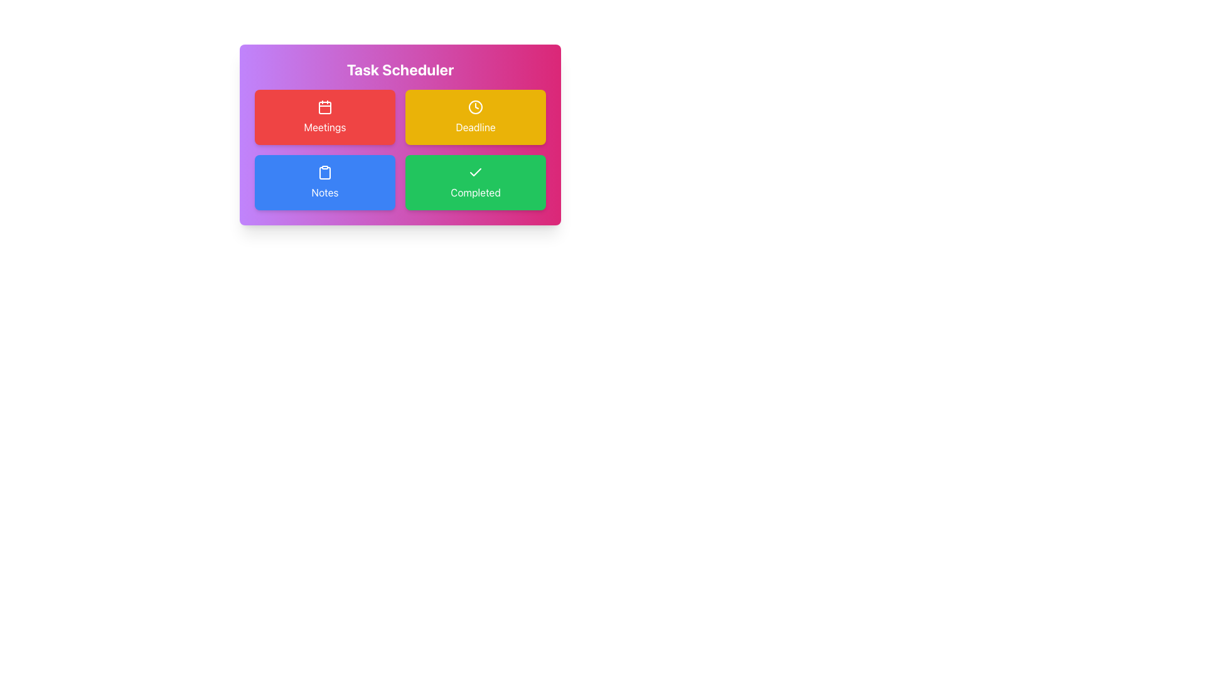  What do you see at coordinates (475, 172) in the screenshot?
I see `the vector graphic checkmark located in the center of the 'Completed' button, which has a green background and is positioned in the bottom-right of the grid under the 'Task Scheduler' heading` at bounding box center [475, 172].